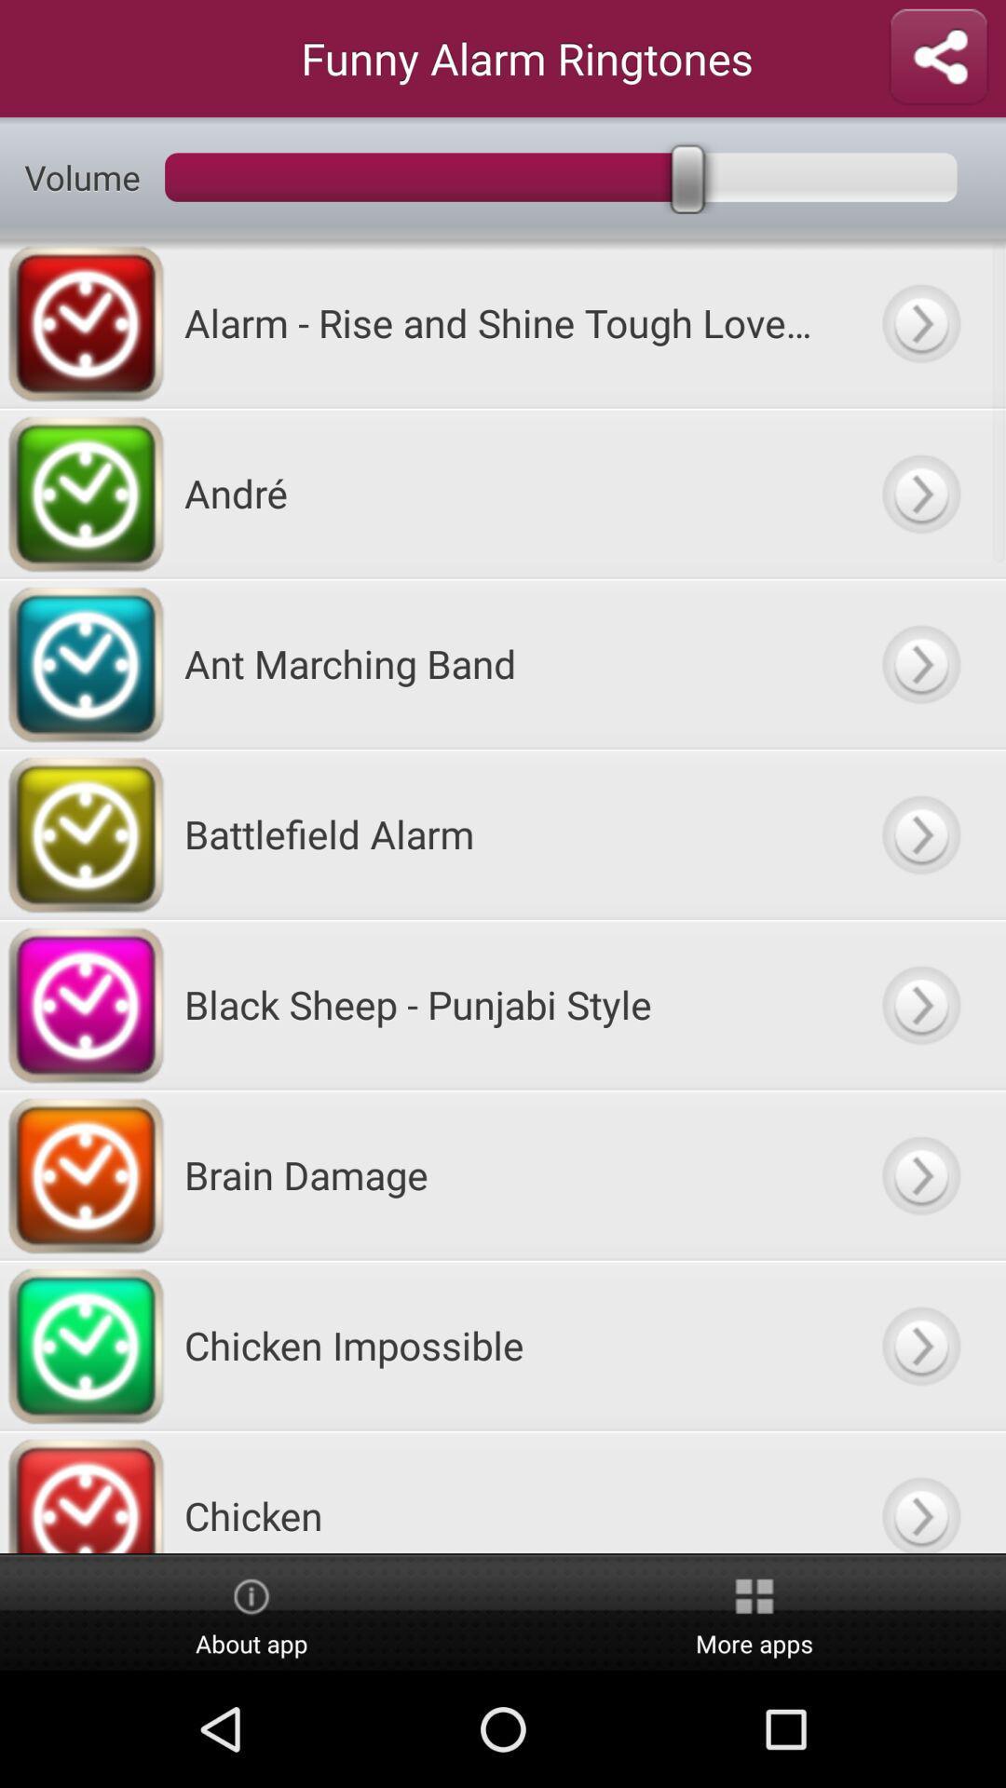 This screenshot has height=1788, width=1006. What do you see at coordinates (919, 322) in the screenshot?
I see `alarm sound` at bounding box center [919, 322].